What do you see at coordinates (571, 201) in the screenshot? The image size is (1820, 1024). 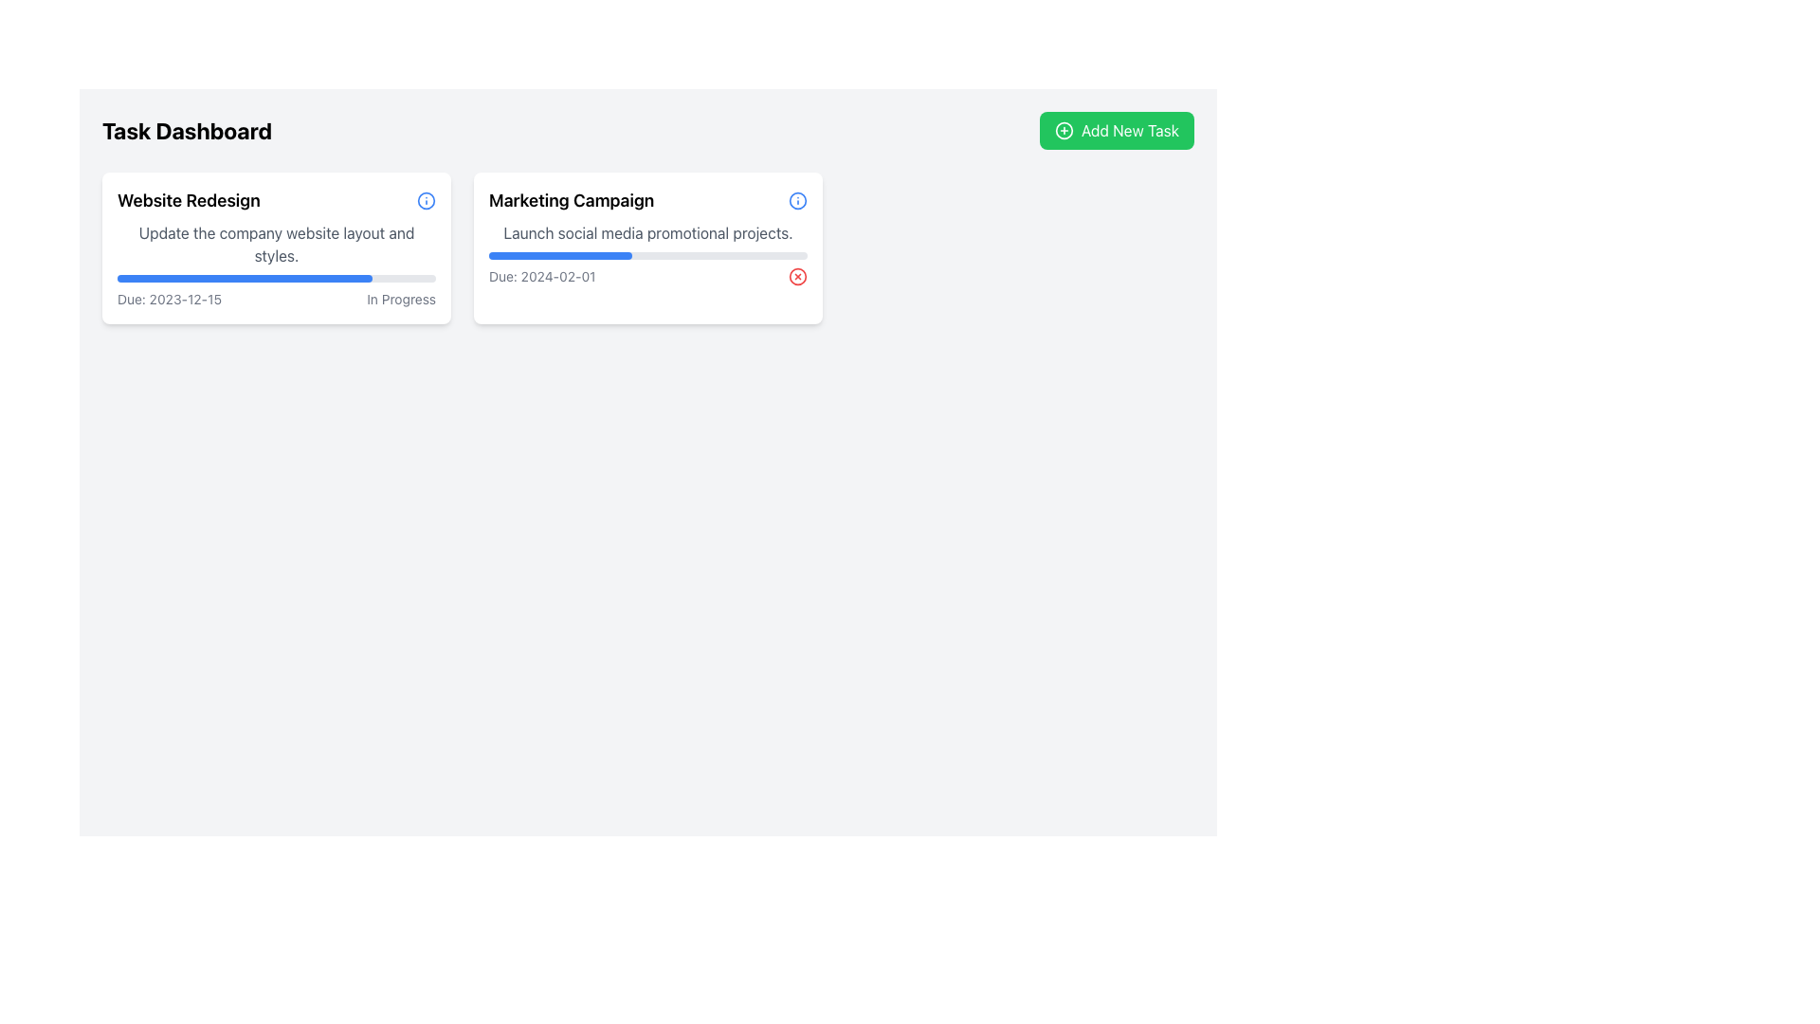 I see `prominently displayed text label that says 'Marketing Campaign', located at the center-top of the card-like UI component` at bounding box center [571, 201].